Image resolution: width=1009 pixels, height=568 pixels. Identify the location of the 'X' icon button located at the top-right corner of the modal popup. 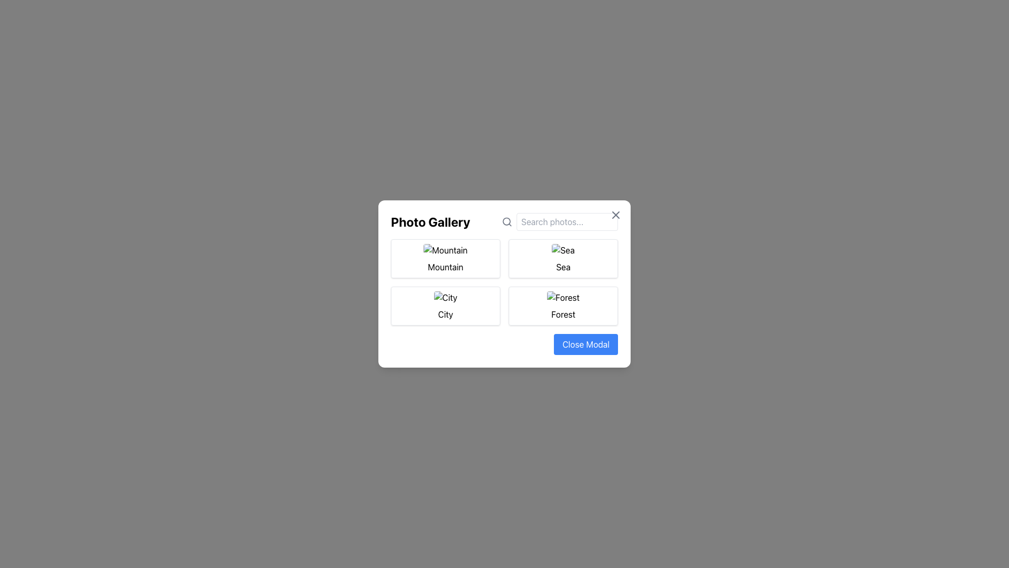
(615, 214).